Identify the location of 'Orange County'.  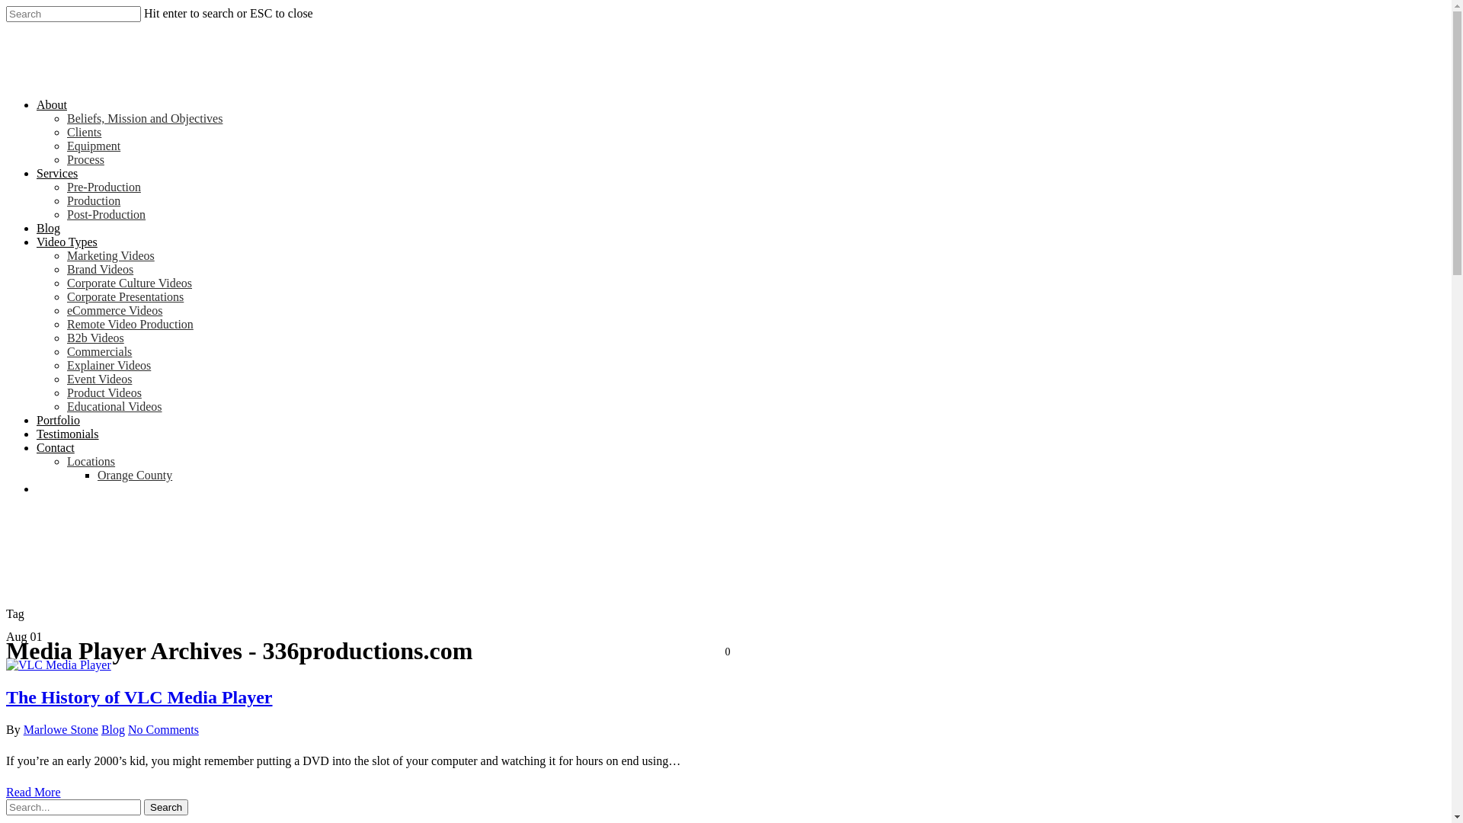
(135, 474).